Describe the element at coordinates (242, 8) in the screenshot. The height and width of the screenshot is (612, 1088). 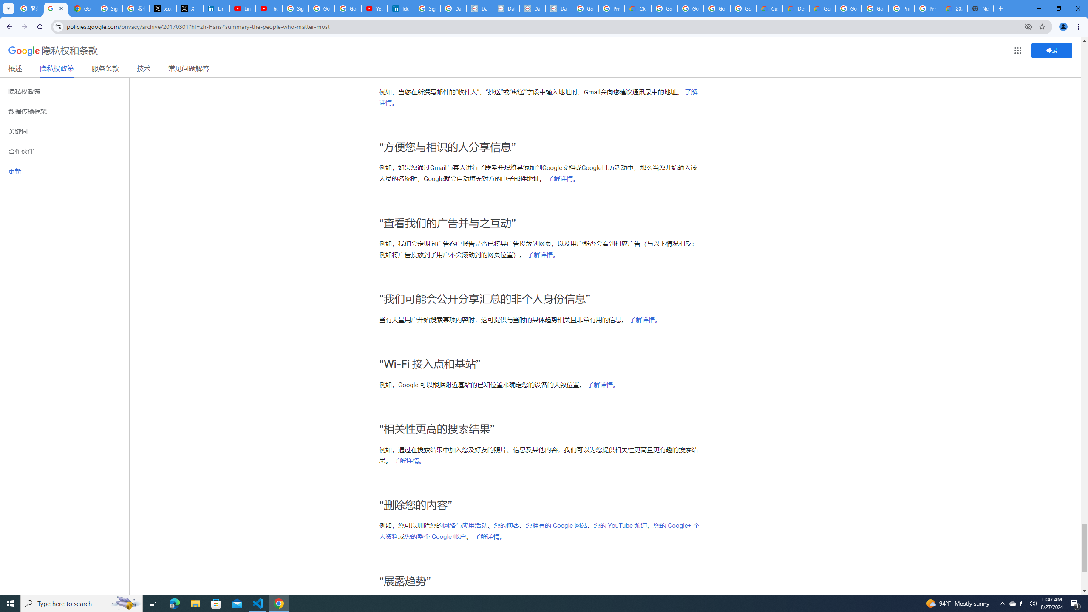
I see `'LinkedIn - YouTube'` at that location.